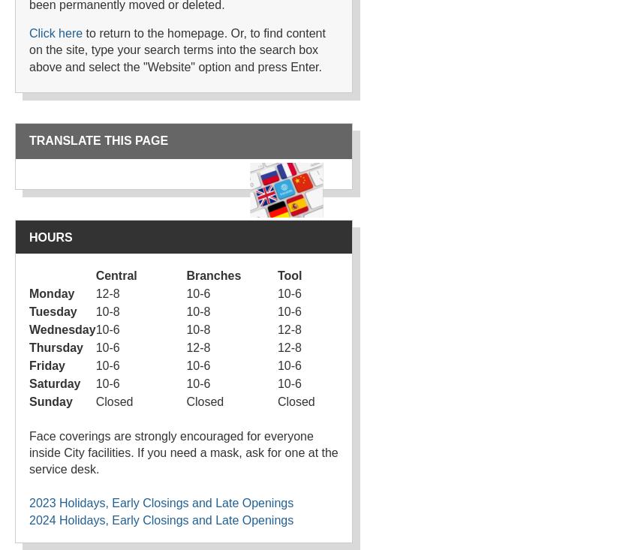  I want to click on 'Friday', so click(47, 365).